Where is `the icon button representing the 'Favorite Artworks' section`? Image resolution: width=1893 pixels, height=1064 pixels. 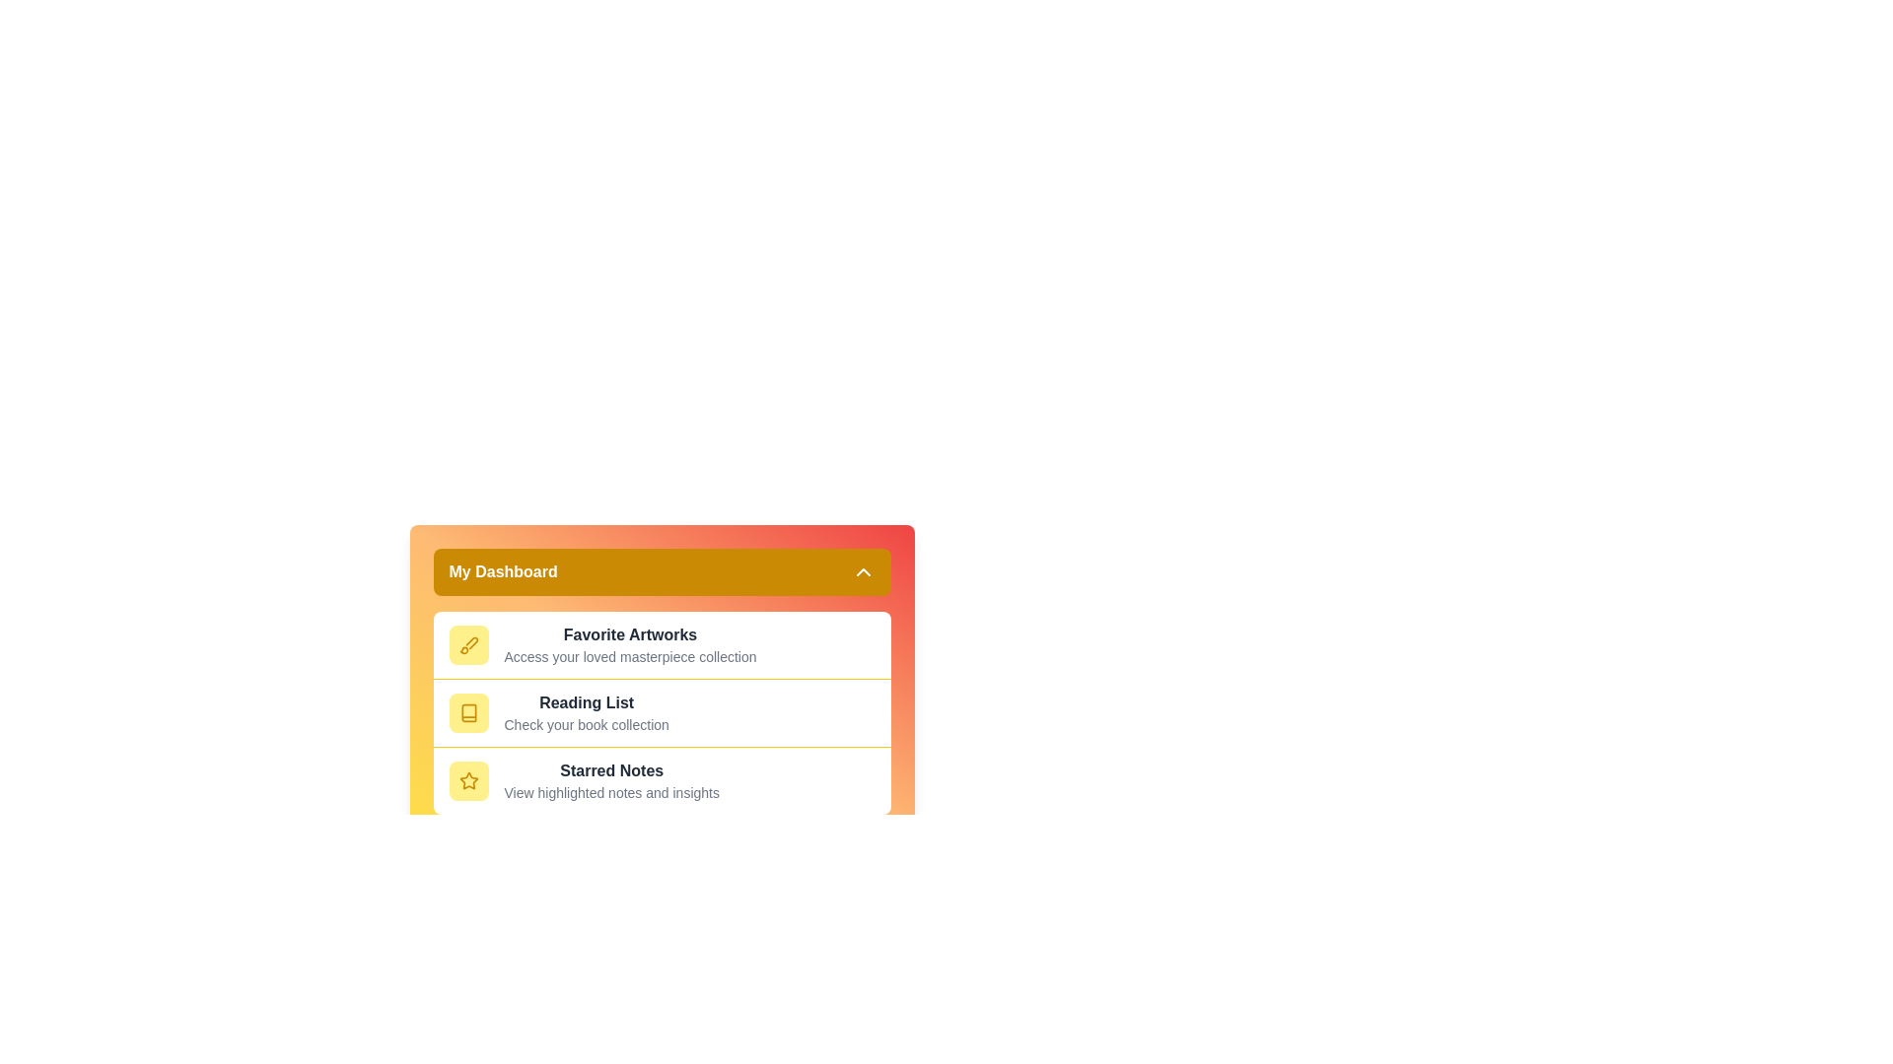
the icon button representing the 'Favorite Artworks' section is located at coordinates (467, 645).